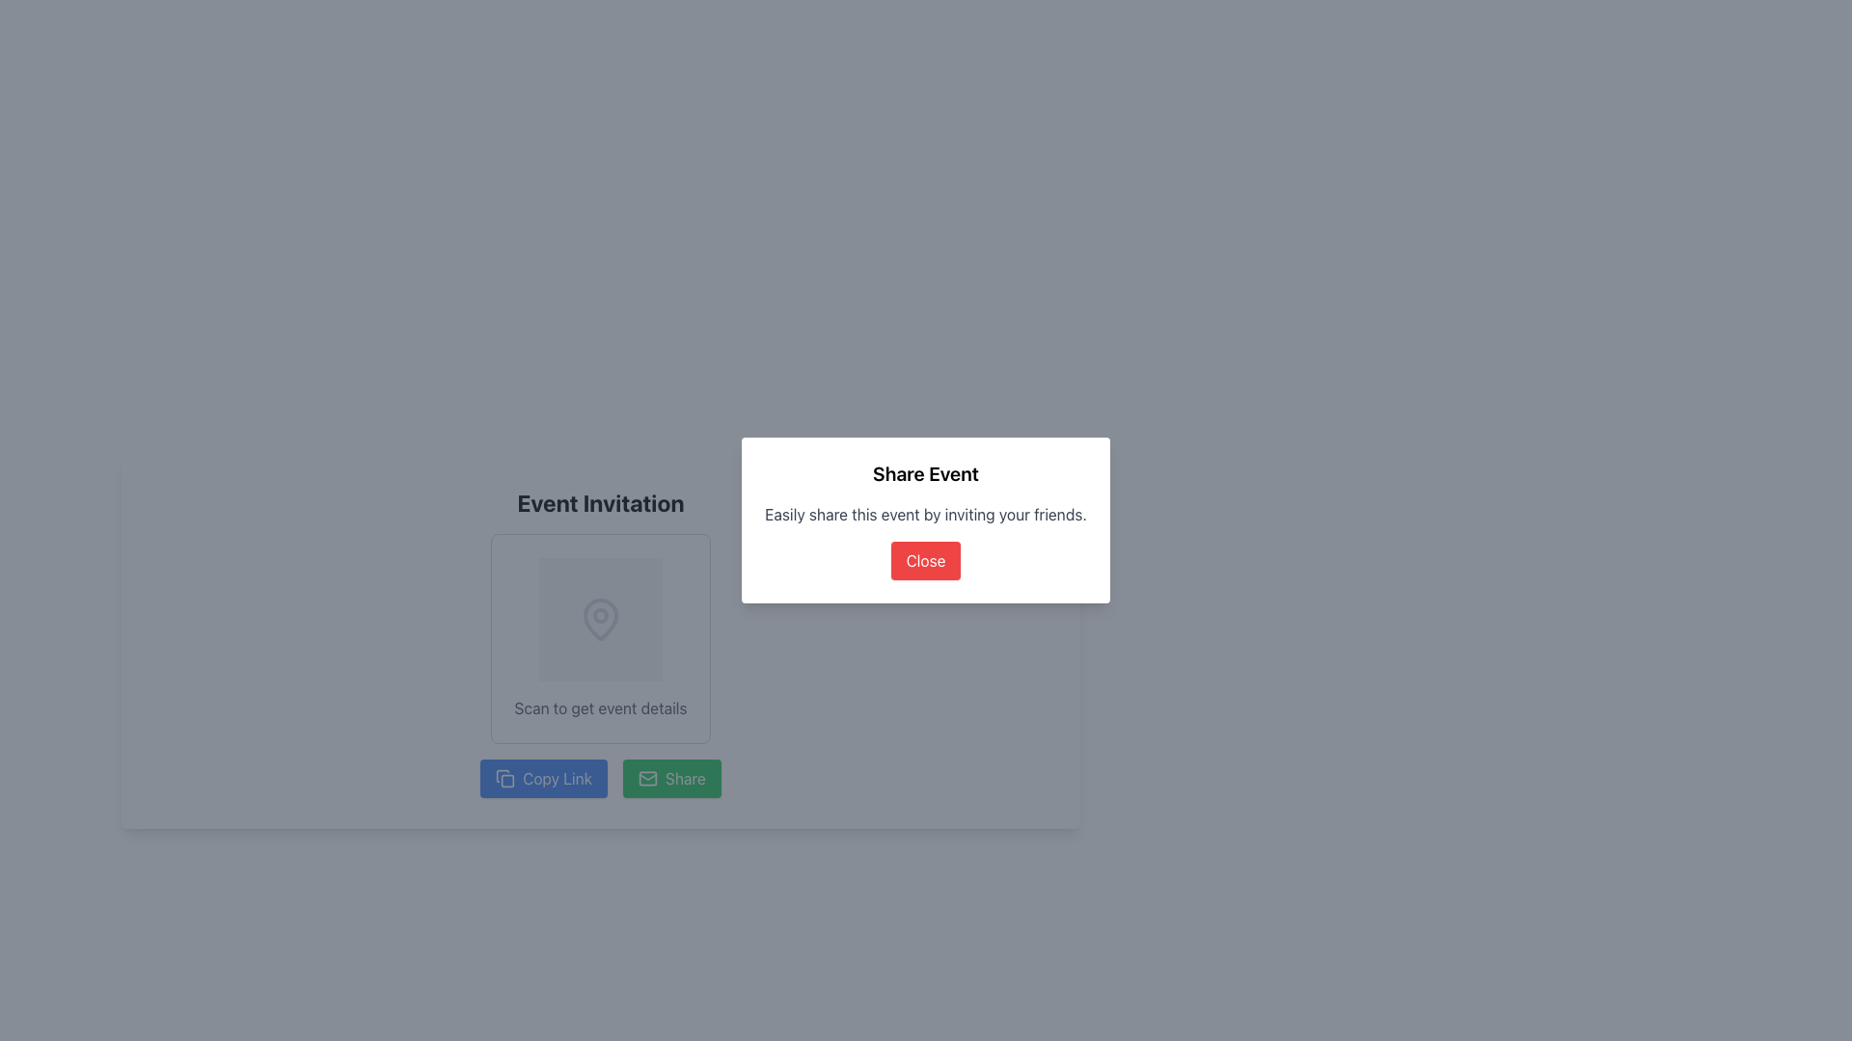 The height and width of the screenshot is (1041, 1852). Describe the element at coordinates (648, 777) in the screenshot. I see `the email icon within the 'Share' button located in the lower-left area of the interface` at that location.